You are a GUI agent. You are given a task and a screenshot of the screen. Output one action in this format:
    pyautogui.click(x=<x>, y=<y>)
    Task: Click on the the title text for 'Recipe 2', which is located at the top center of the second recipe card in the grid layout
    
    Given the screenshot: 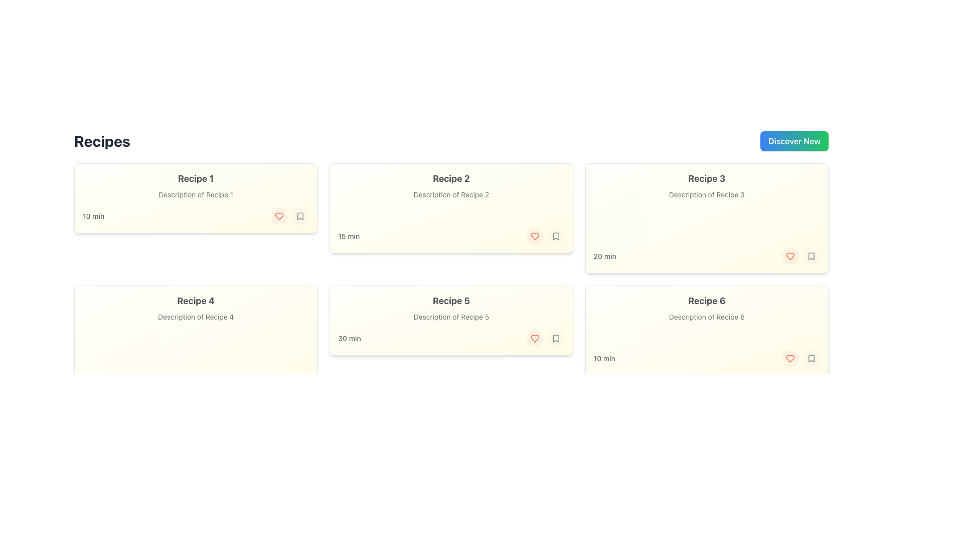 What is the action you would take?
    pyautogui.click(x=450, y=178)
    